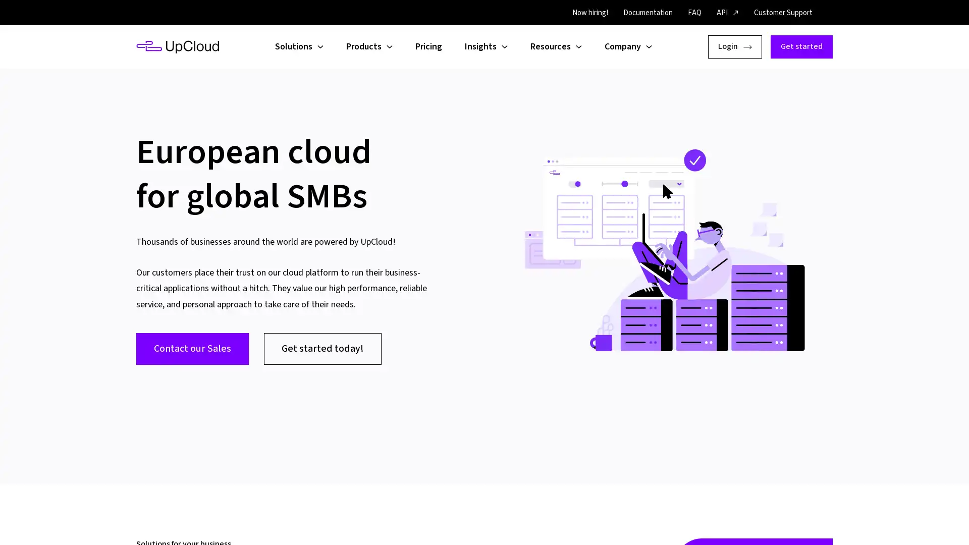 The width and height of the screenshot is (969, 545). What do you see at coordinates (389, 46) in the screenshot?
I see `Open child menu for Products` at bounding box center [389, 46].